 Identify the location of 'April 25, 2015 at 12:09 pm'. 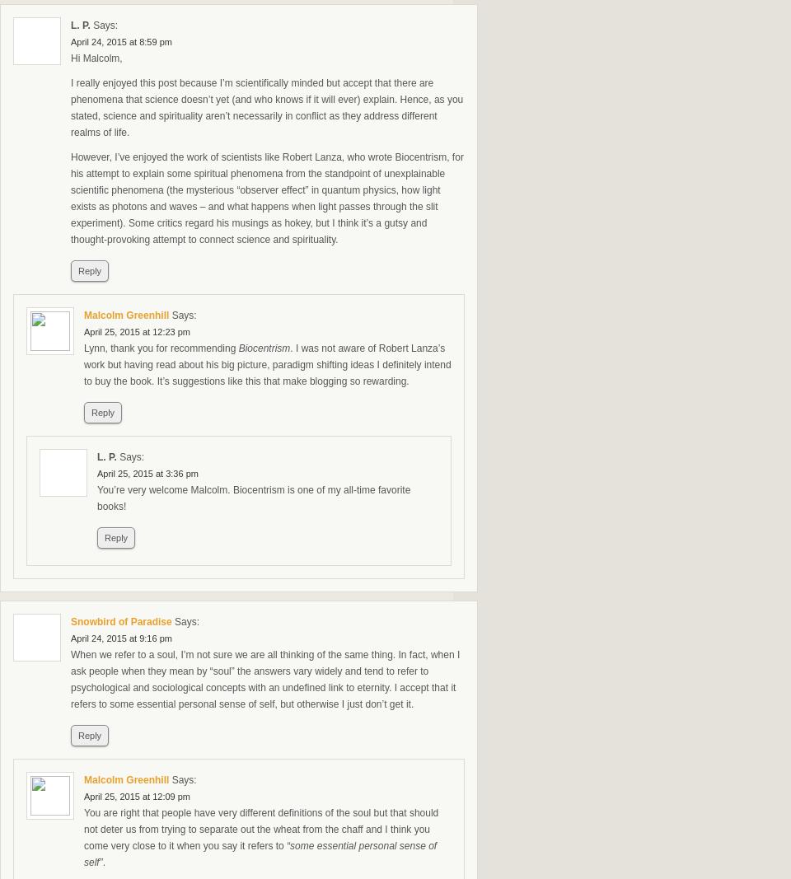
(136, 797).